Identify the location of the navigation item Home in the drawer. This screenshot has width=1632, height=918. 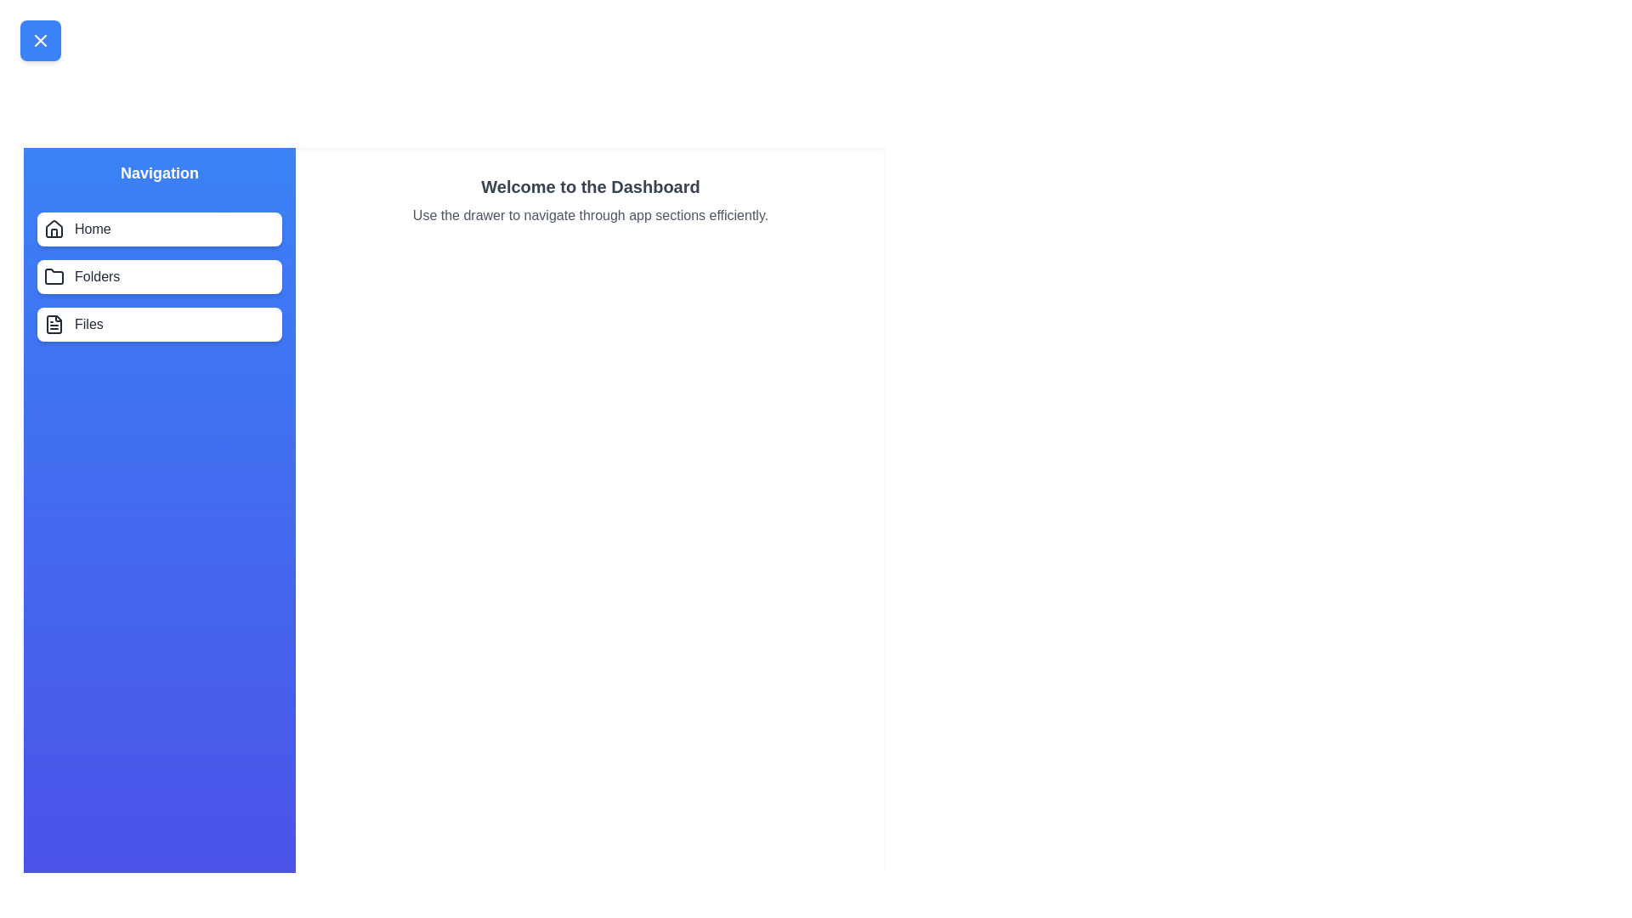
(159, 229).